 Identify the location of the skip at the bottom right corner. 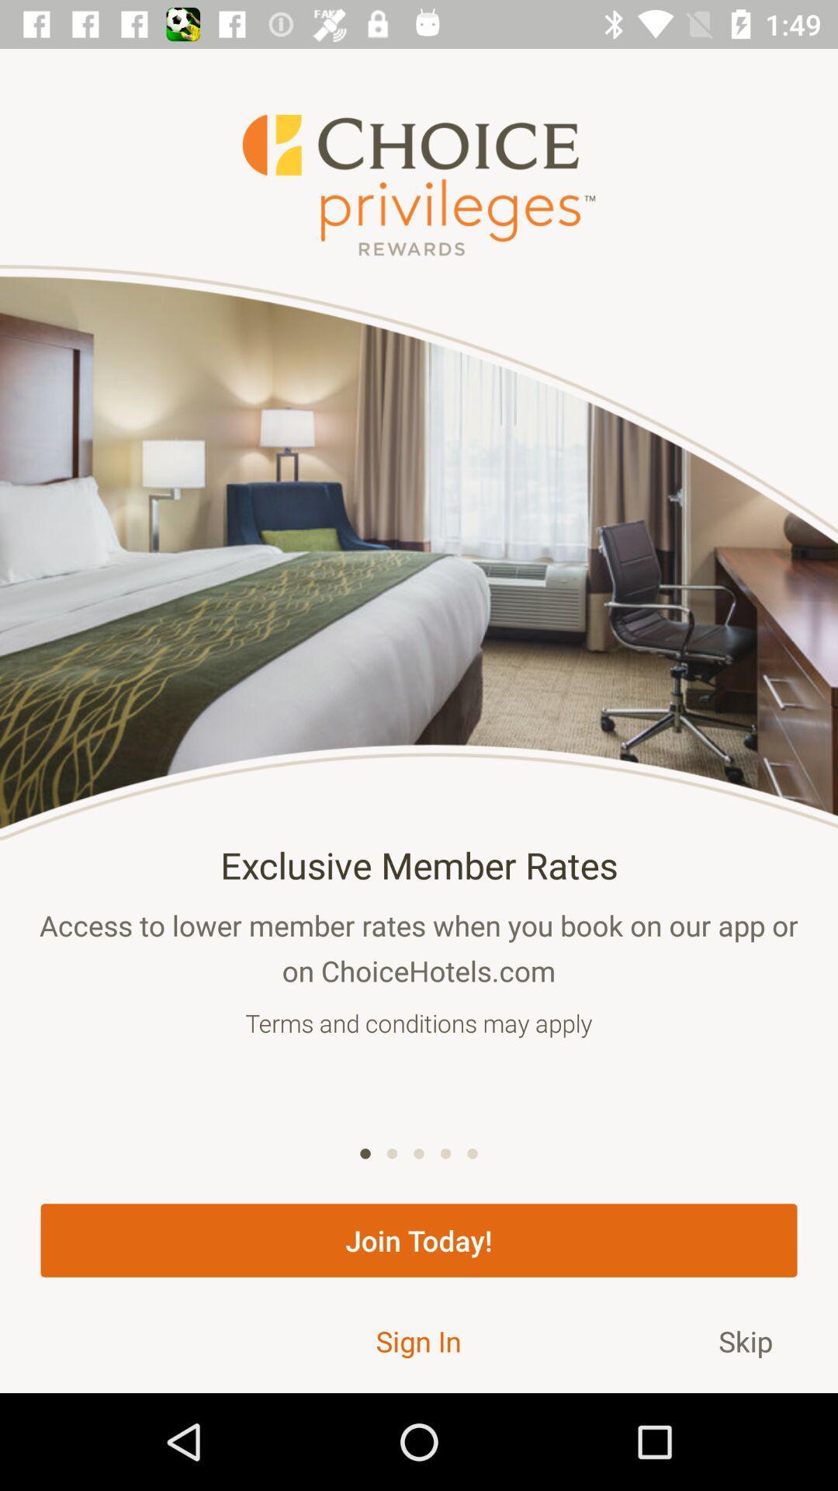
(745, 1340).